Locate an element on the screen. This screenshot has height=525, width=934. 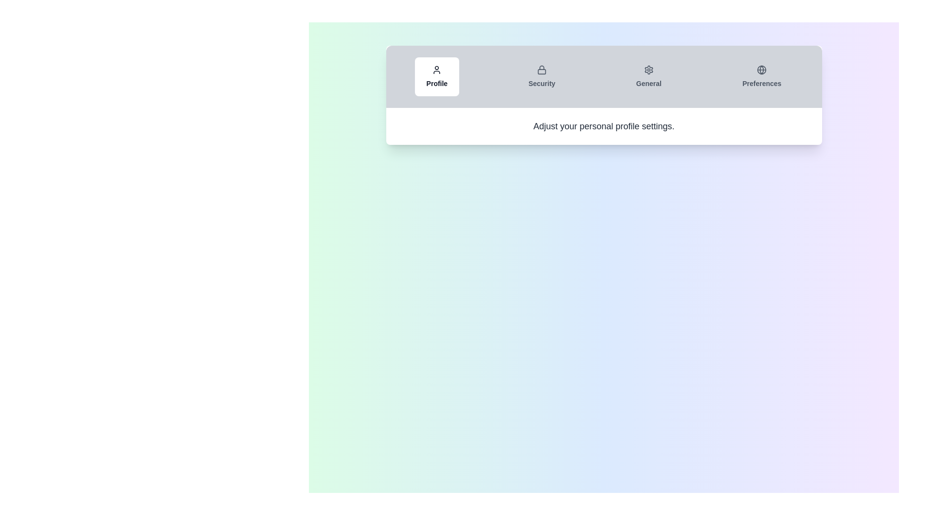
the Preferences tab to view its content is located at coordinates (761, 76).